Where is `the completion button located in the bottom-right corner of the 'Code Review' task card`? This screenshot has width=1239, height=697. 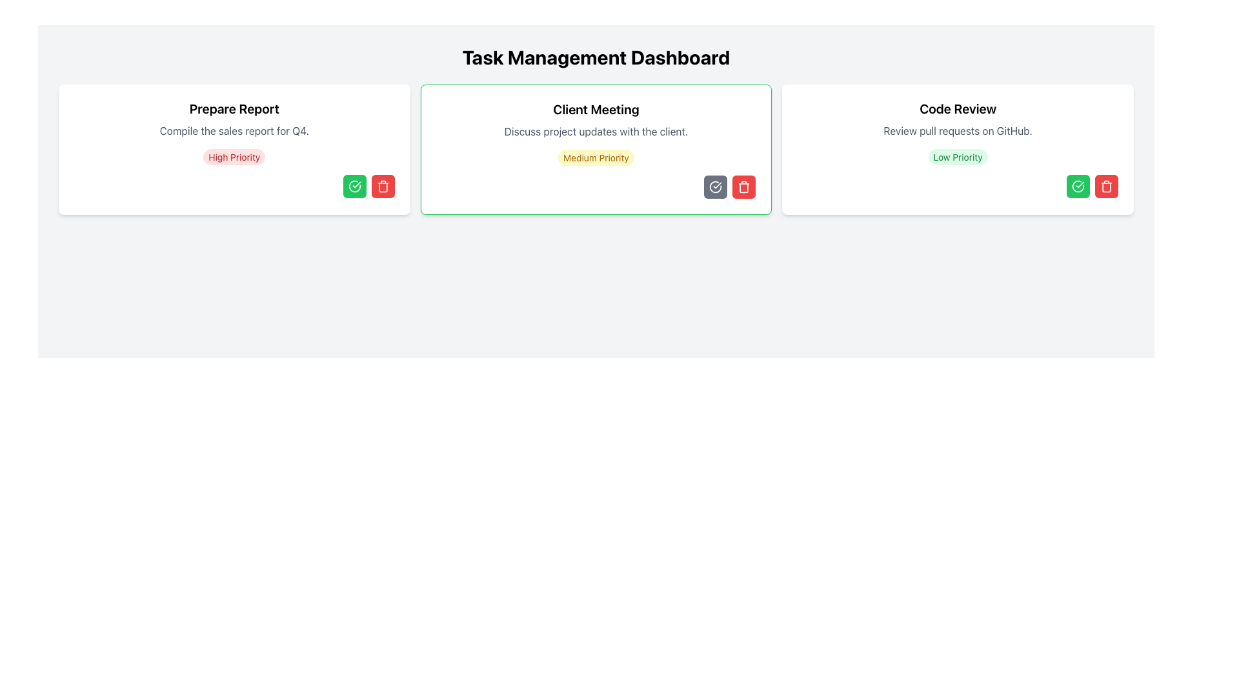 the completion button located in the bottom-right corner of the 'Code Review' task card is located at coordinates (1078, 187).